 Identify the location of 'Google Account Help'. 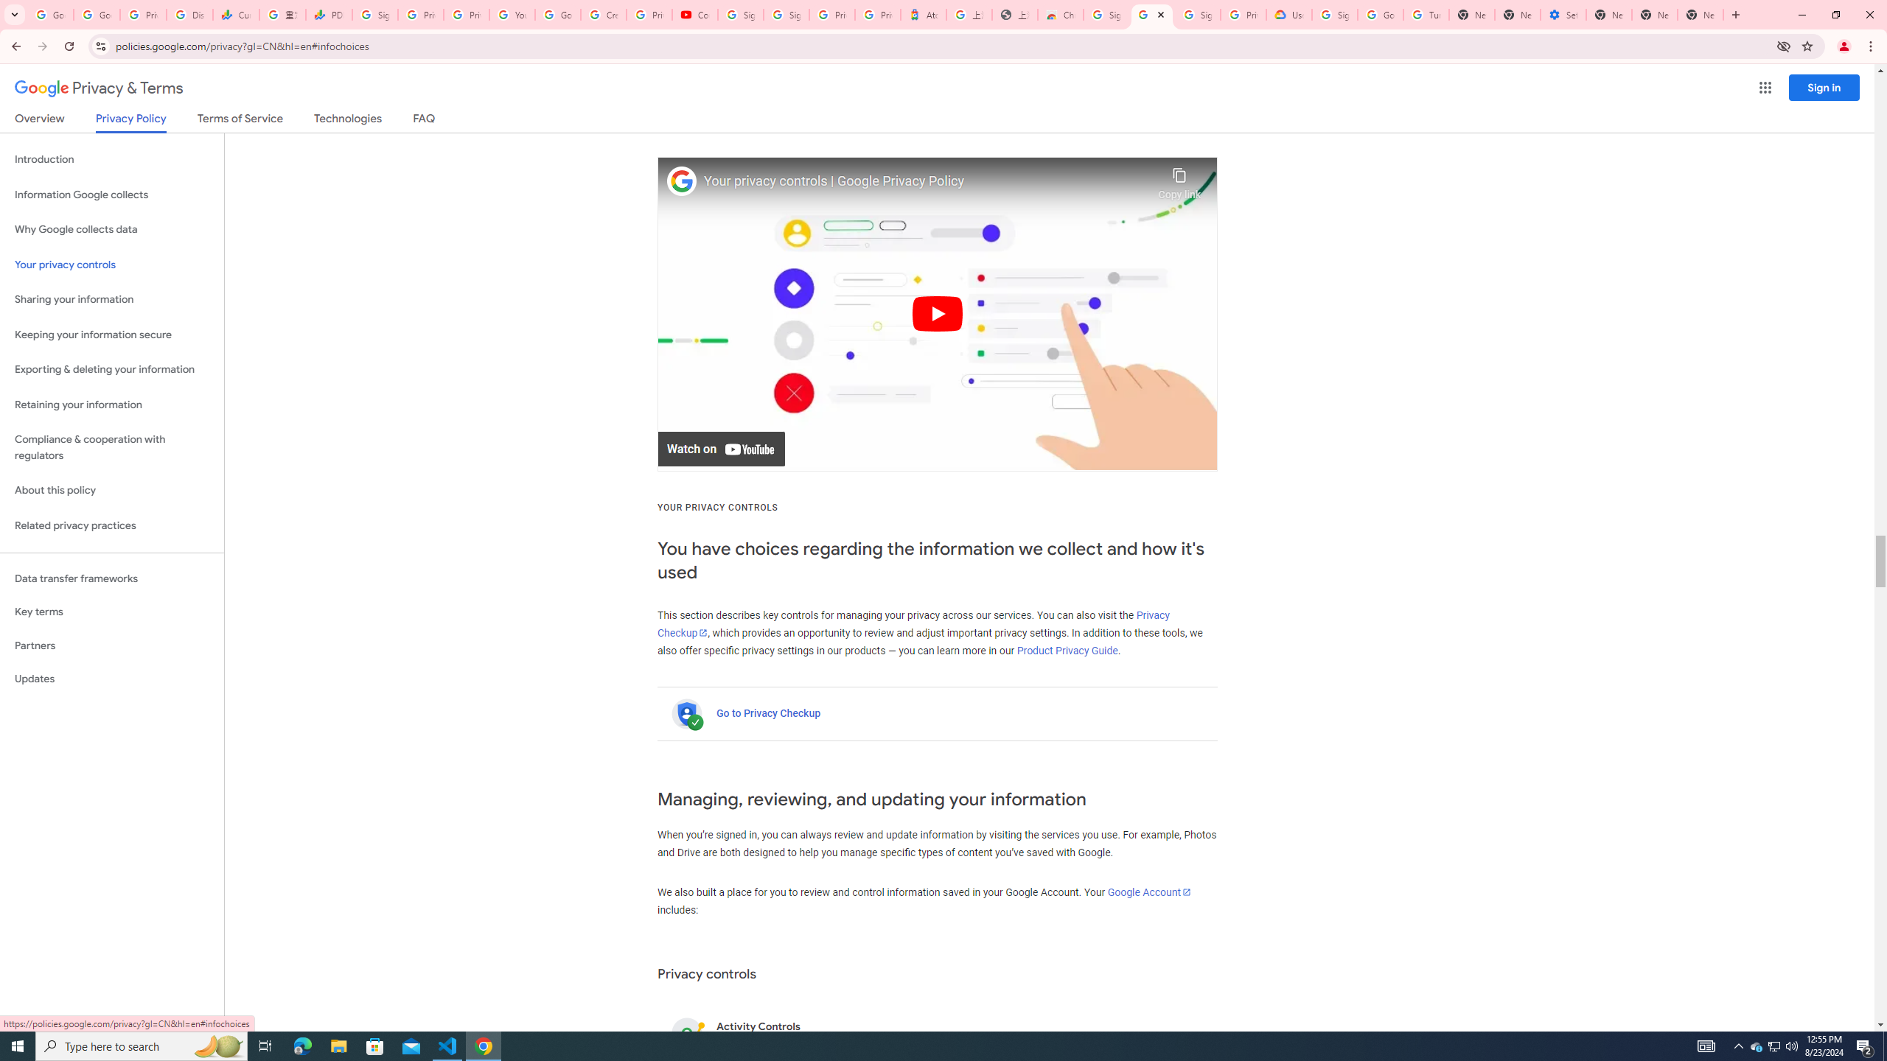
(1379, 14).